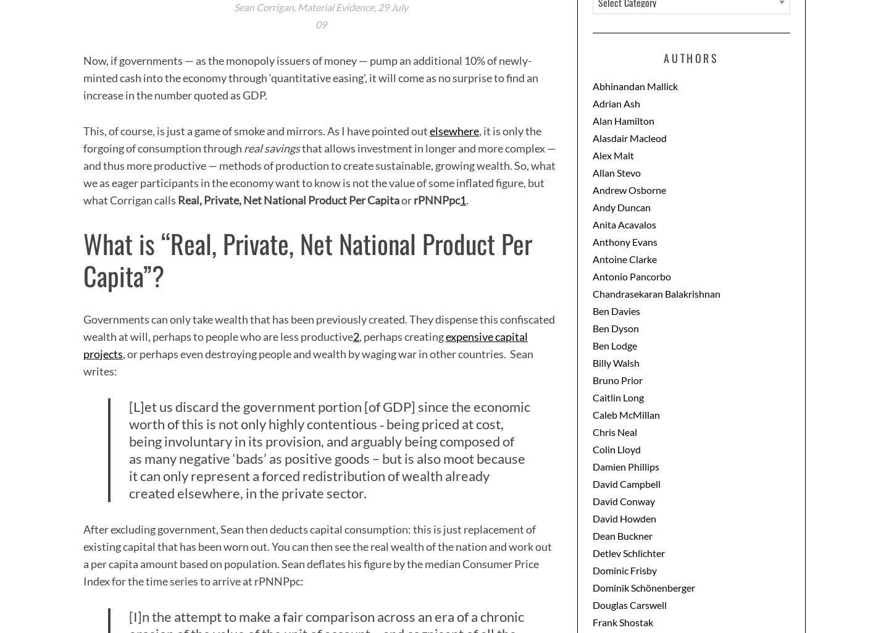  What do you see at coordinates (356, 335) in the screenshot?
I see `'2'` at bounding box center [356, 335].